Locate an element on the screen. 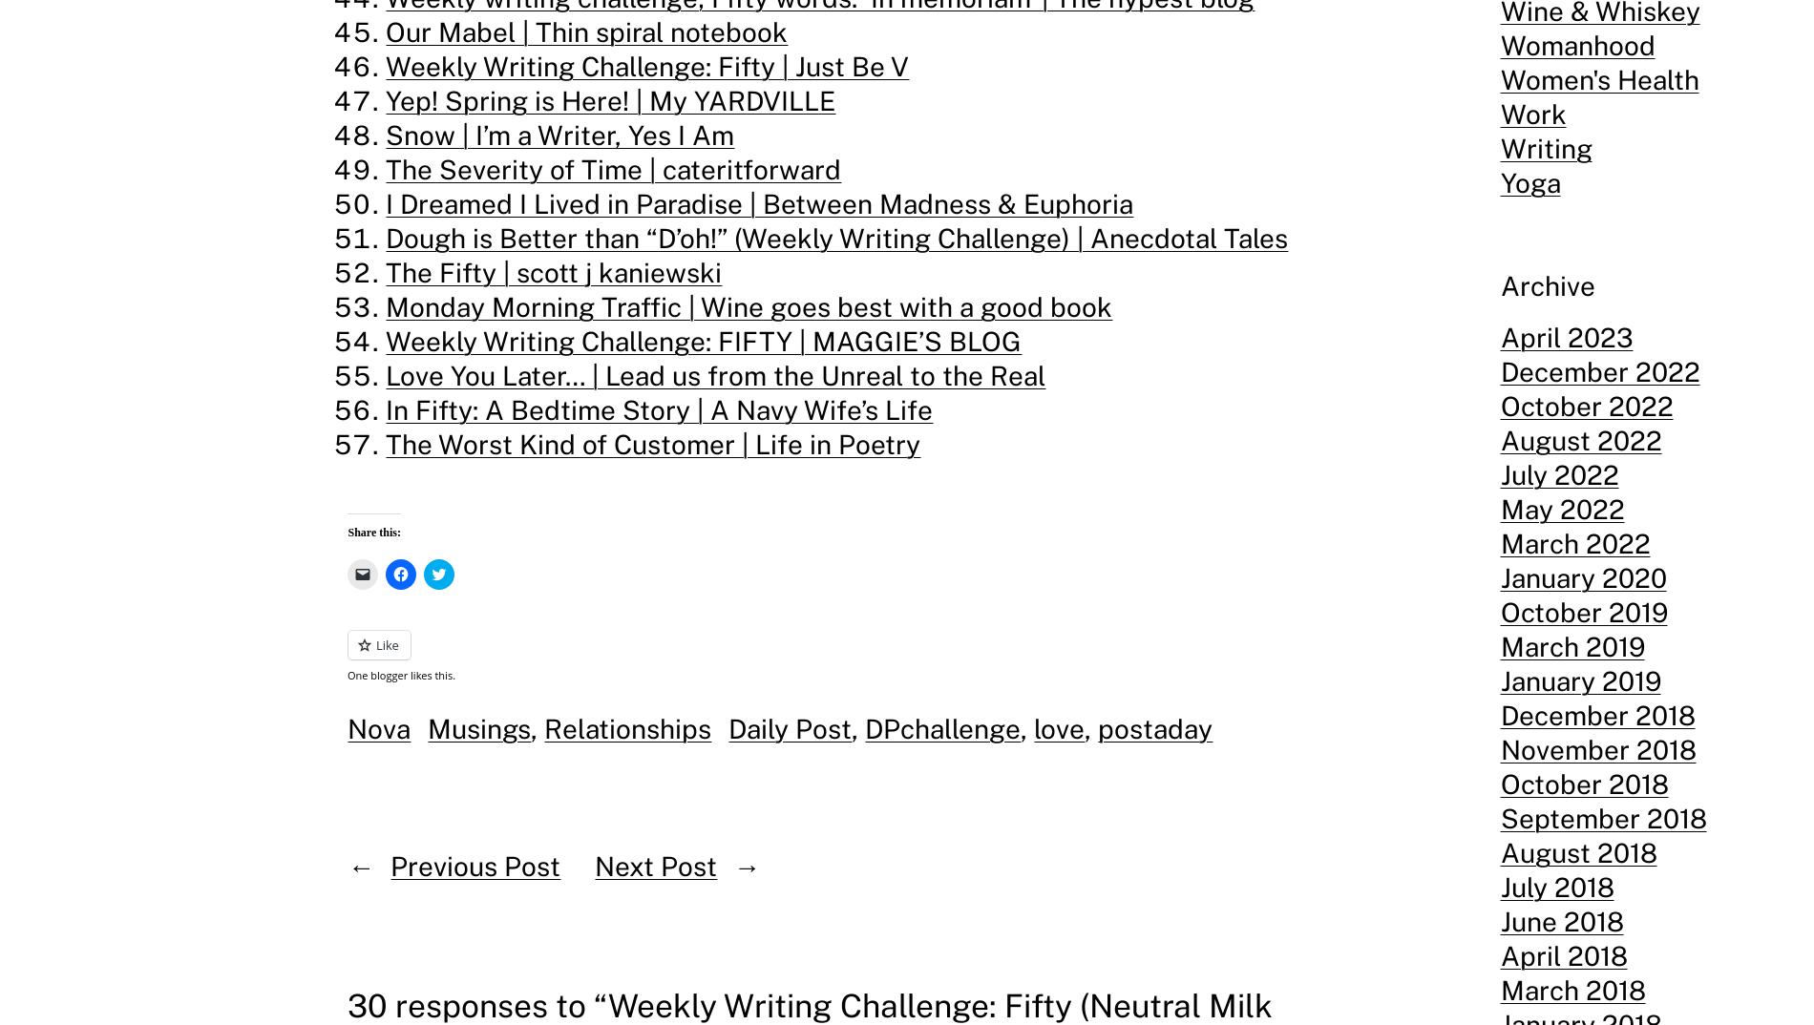  'Previous Post' is located at coordinates (475, 864).